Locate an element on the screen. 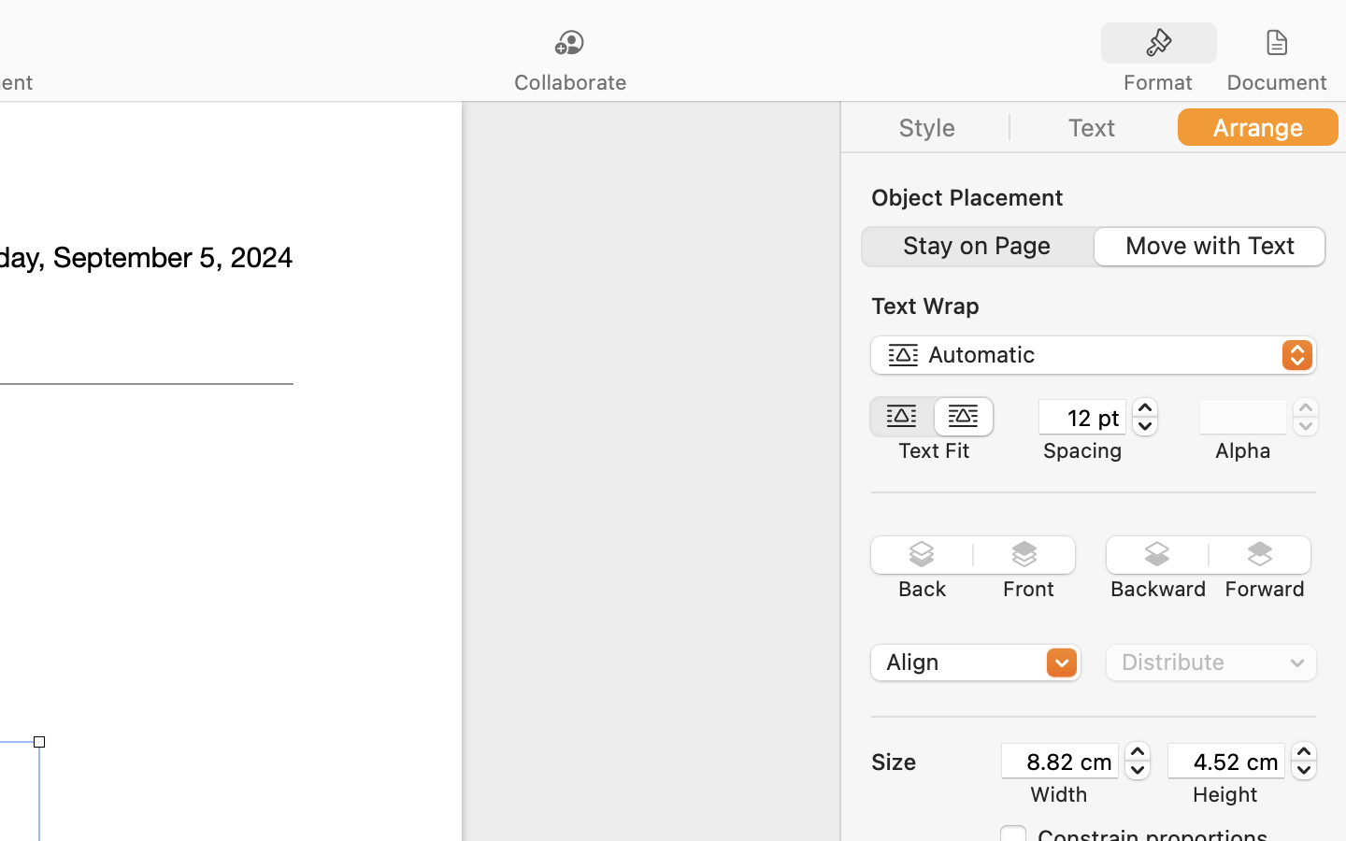 This screenshot has height=841, width=1346. 'Format' is located at coordinates (1156, 81).